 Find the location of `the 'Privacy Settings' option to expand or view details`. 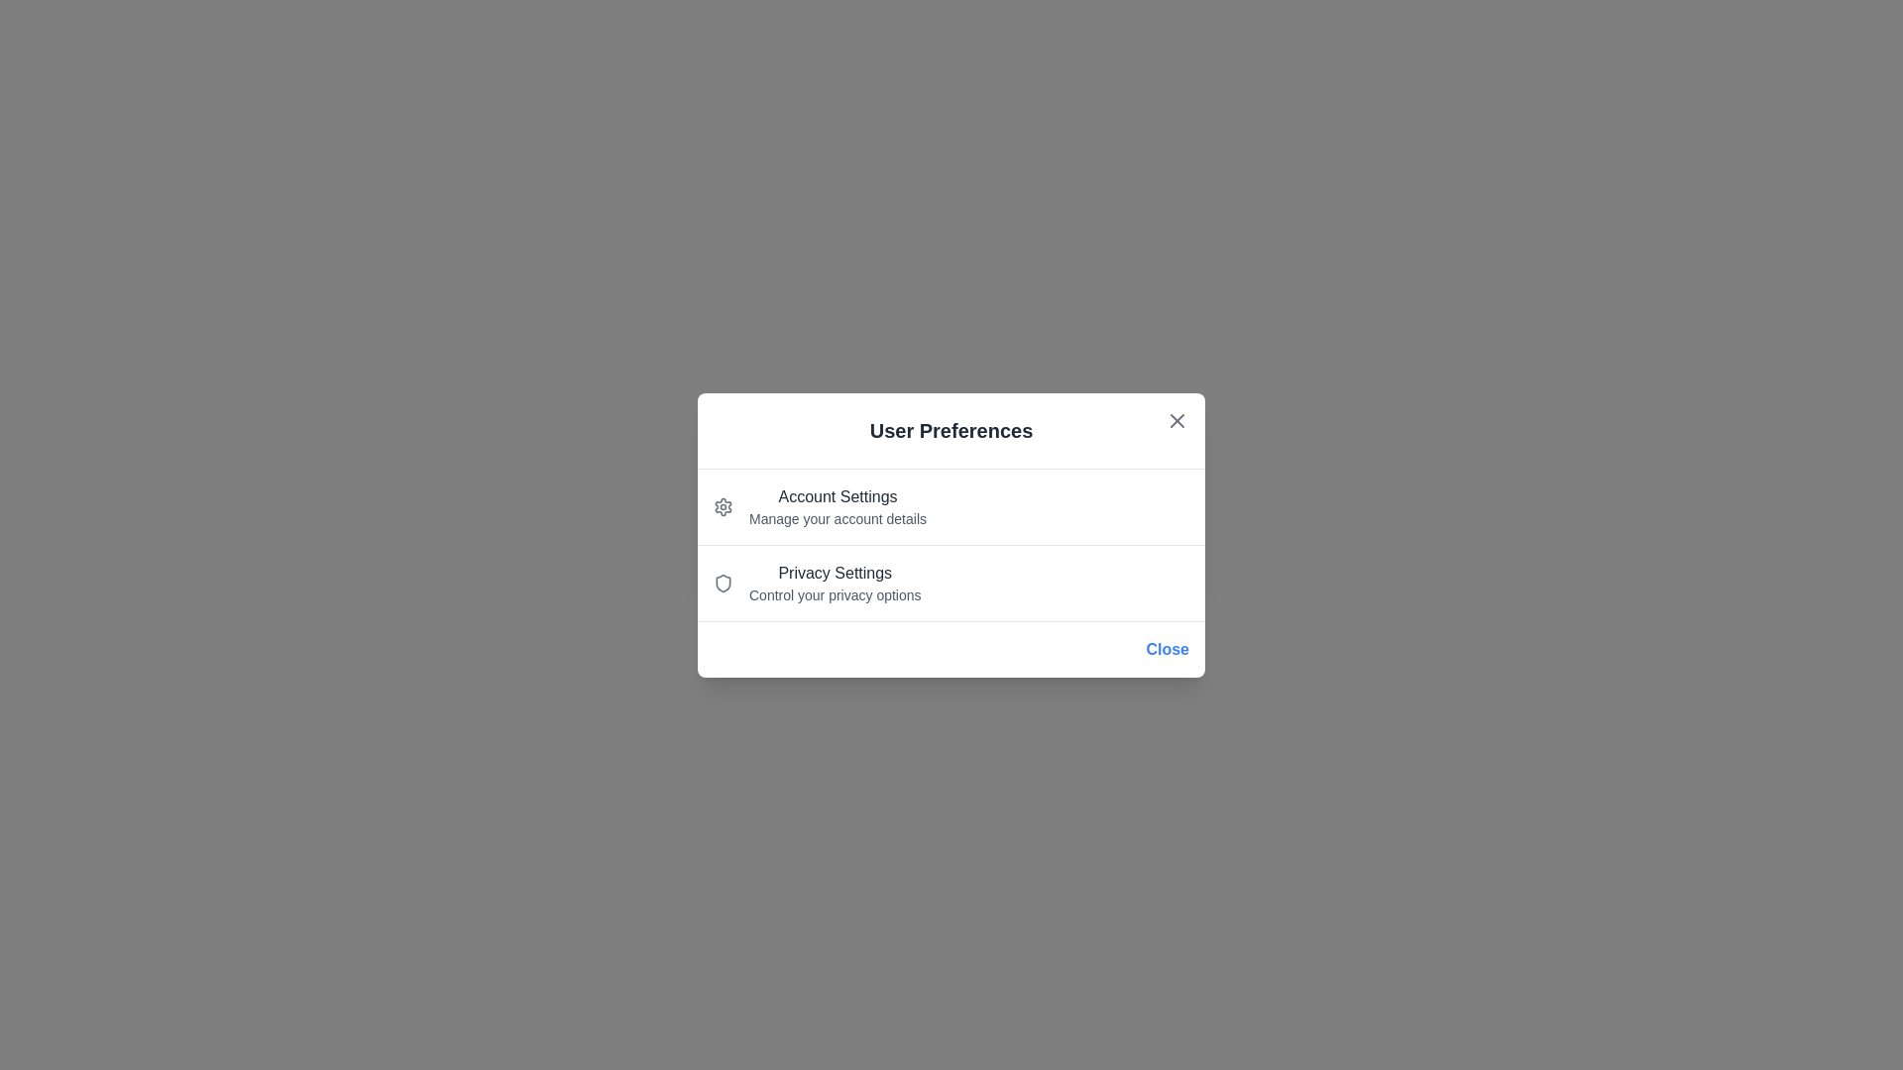

the 'Privacy Settings' option to expand or view details is located at coordinates (951, 581).